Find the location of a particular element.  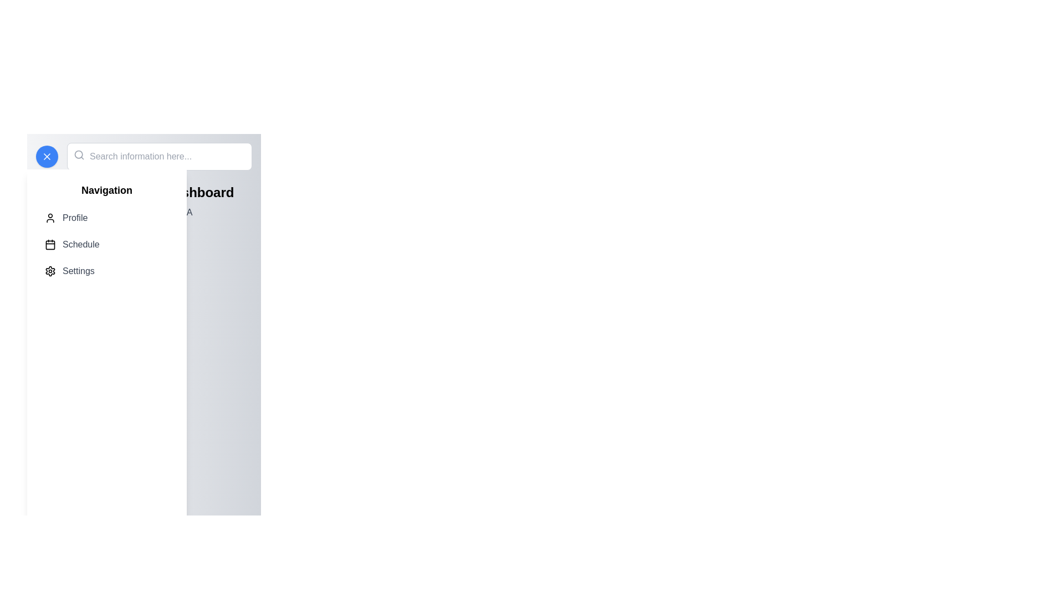

the text label located at the top of the left-hand vertical sidebar, which serves as a title for the sidebar menu is located at coordinates (106, 189).